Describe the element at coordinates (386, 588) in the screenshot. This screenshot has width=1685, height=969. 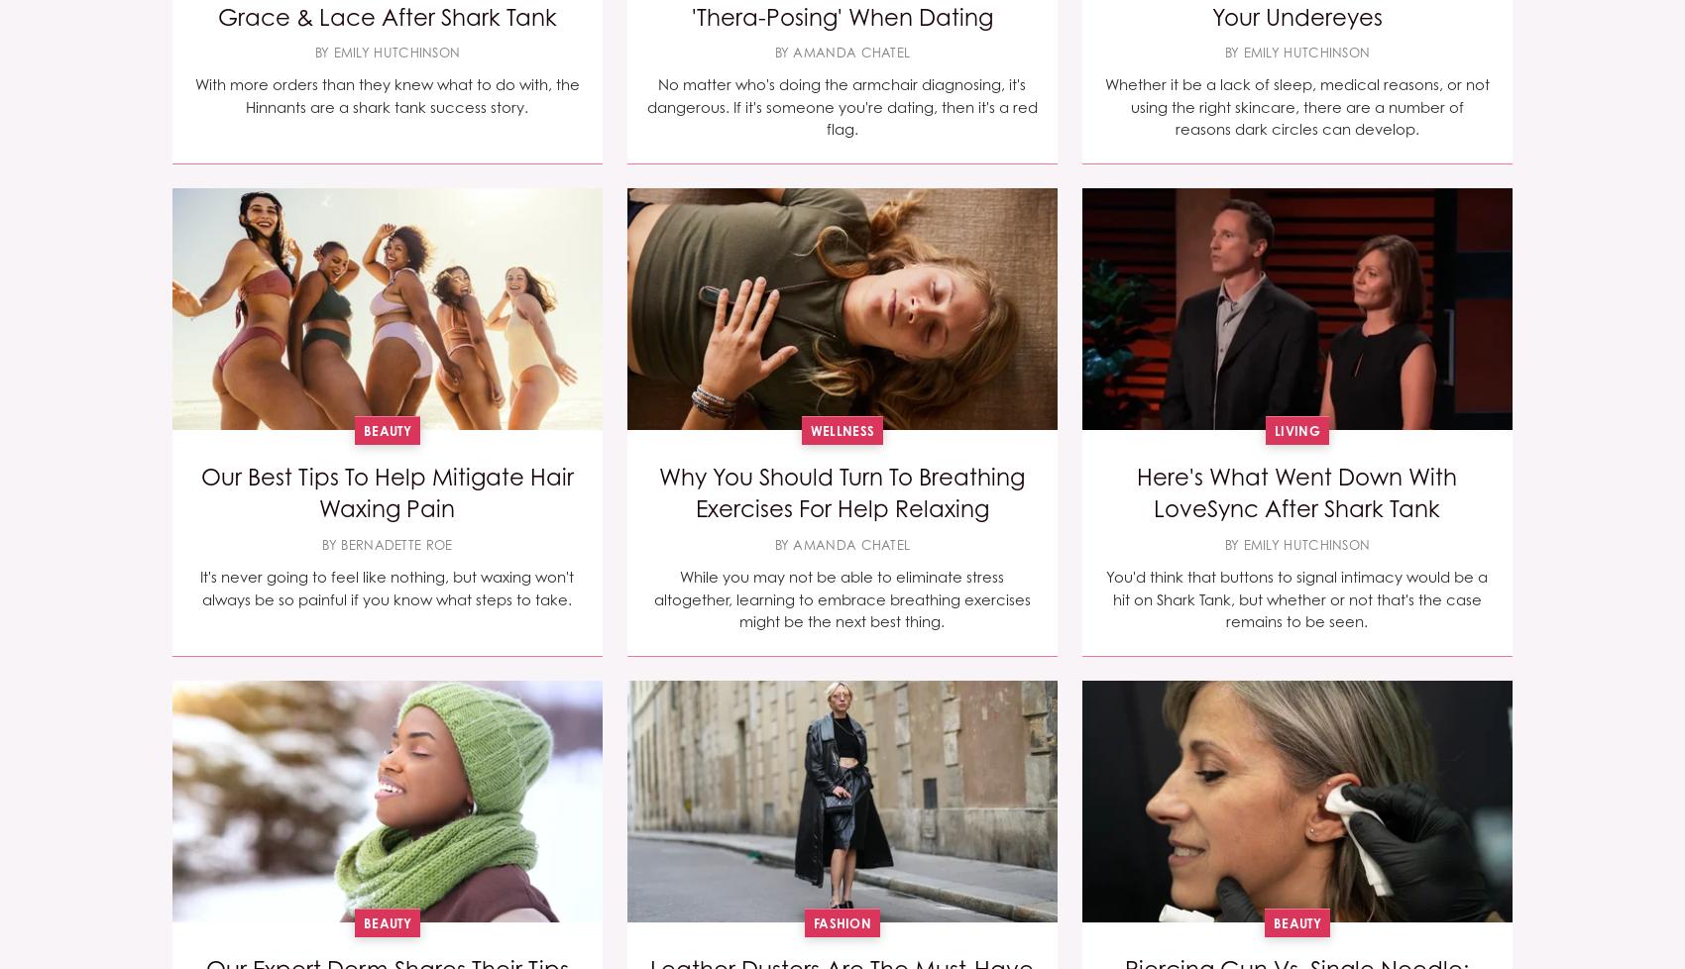
I see `'It's never going to feel like nothing, but waxing won't always be so painful if you know what steps to take.'` at that location.